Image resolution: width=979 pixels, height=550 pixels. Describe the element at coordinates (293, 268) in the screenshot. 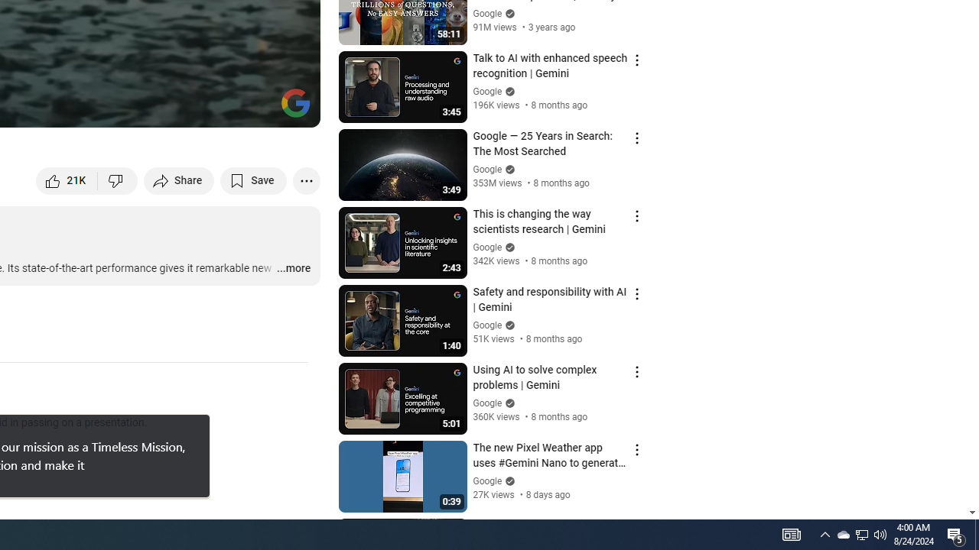

I see `'...more'` at that location.